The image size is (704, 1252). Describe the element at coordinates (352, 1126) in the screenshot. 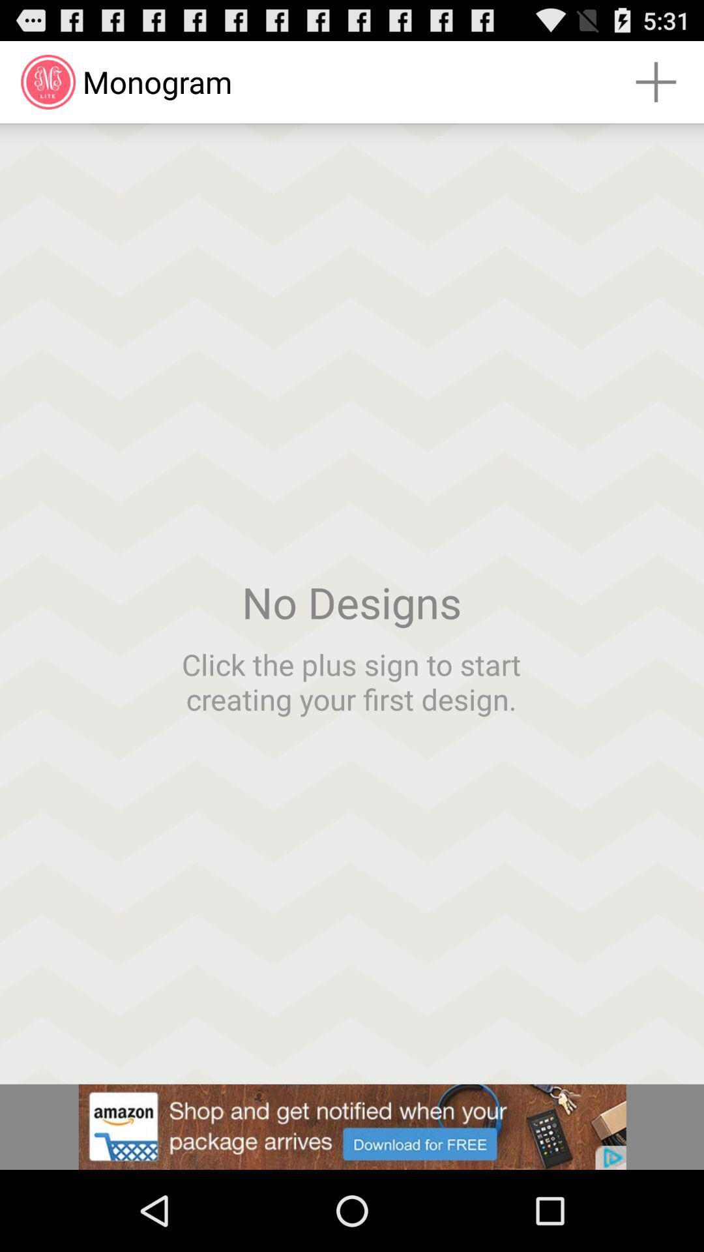

I see `open advertisement` at that location.